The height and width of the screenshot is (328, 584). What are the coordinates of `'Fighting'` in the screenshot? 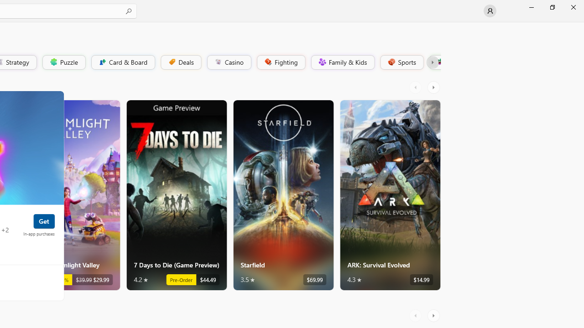 It's located at (280, 61).